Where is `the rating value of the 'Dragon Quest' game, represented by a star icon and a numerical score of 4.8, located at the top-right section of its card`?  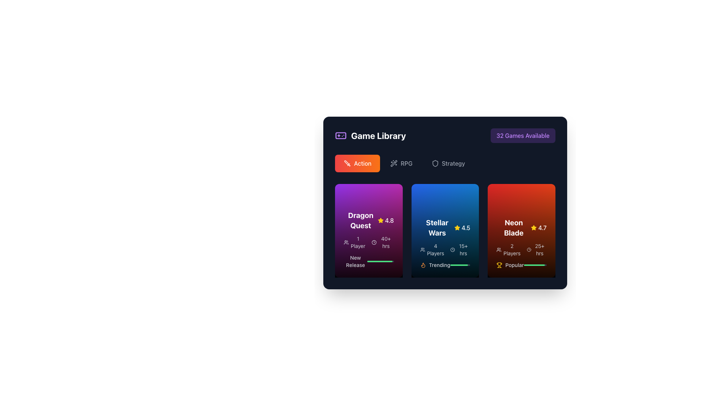
the rating value of the 'Dragon Quest' game, represented by a star icon and a numerical score of 4.8, located at the top-right section of its card is located at coordinates (385, 220).